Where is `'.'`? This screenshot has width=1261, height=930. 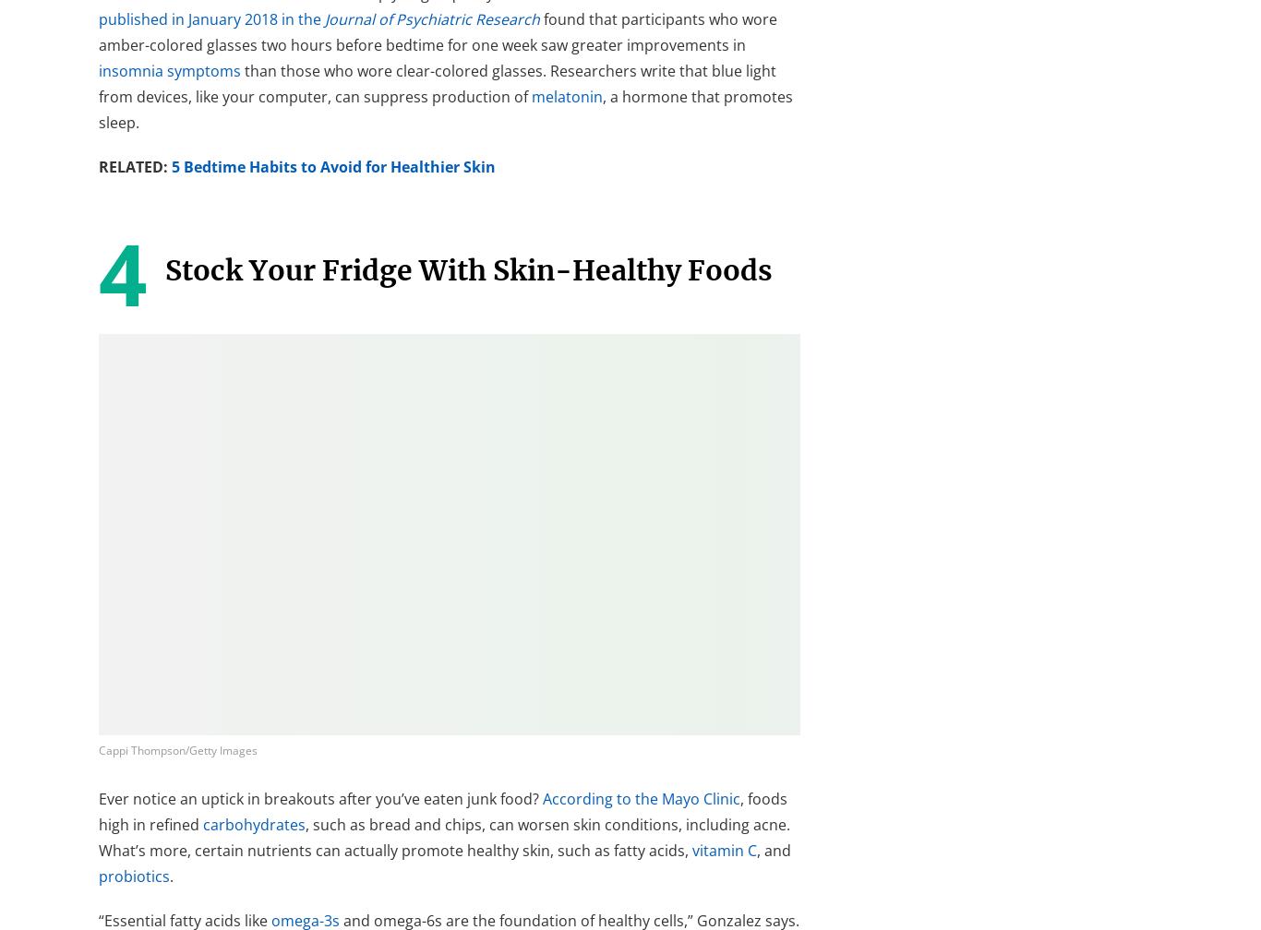
'.' is located at coordinates (169, 876).